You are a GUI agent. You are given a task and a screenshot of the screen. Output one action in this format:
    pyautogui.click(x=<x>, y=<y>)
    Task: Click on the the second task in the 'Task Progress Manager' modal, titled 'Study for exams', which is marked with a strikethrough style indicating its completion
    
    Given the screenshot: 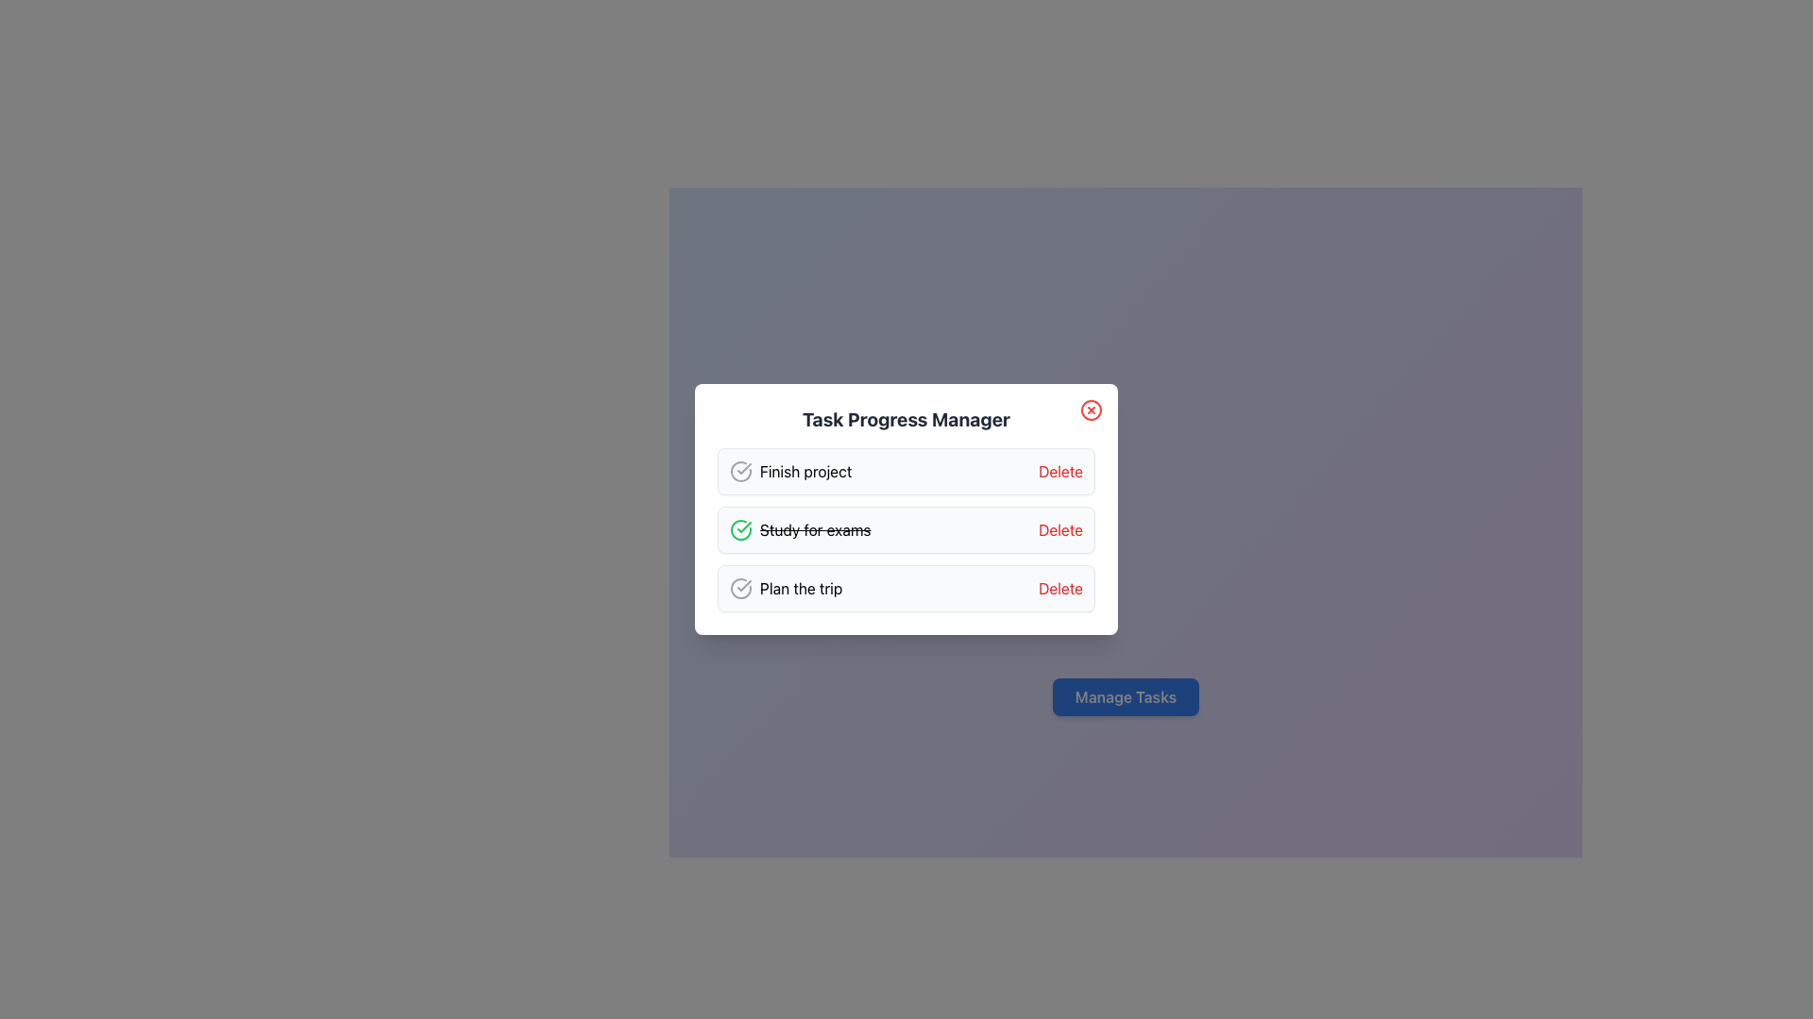 What is the action you would take?
    pyautogui.click(x=906, y=530)
    